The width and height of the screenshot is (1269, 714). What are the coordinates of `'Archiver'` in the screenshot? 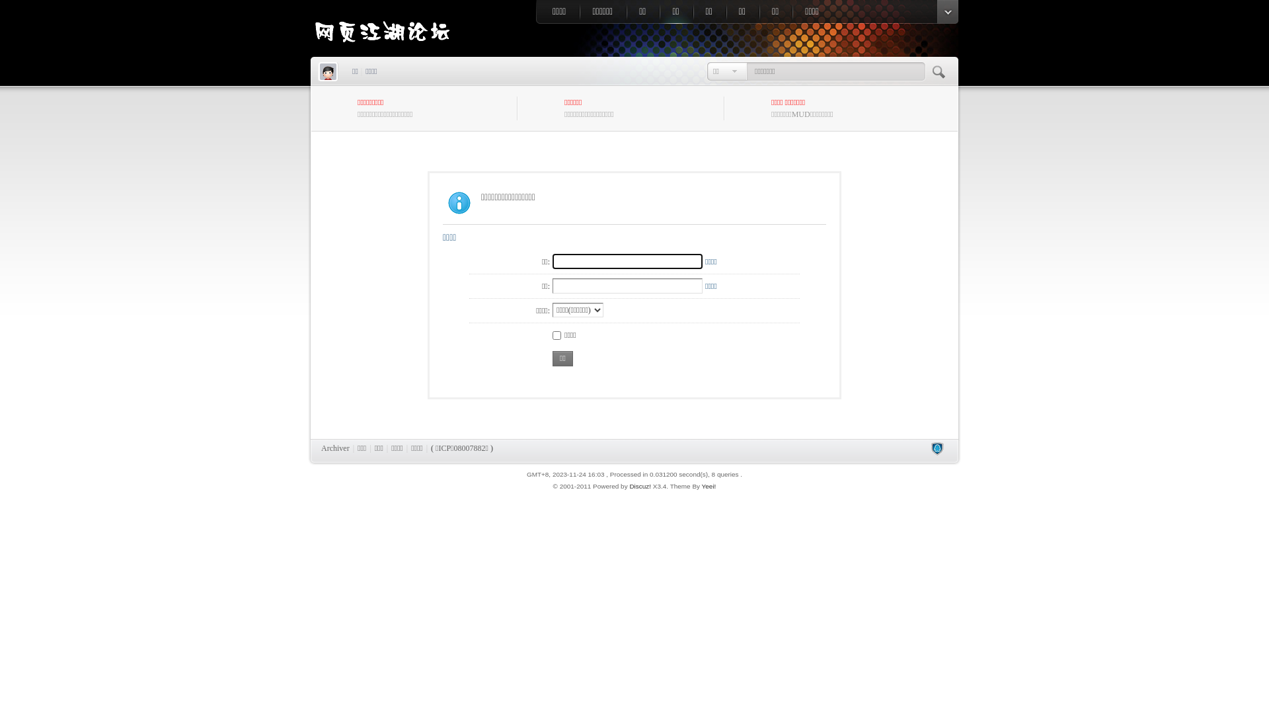 It's located at (335, 448).